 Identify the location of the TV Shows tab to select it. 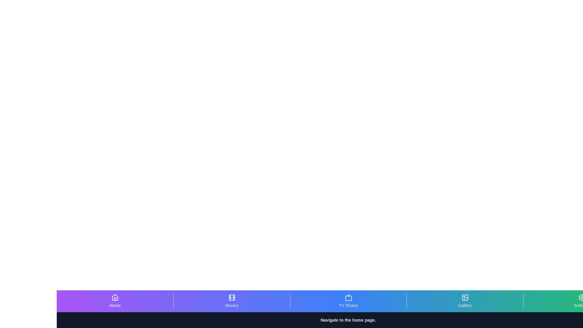
(348, 301).